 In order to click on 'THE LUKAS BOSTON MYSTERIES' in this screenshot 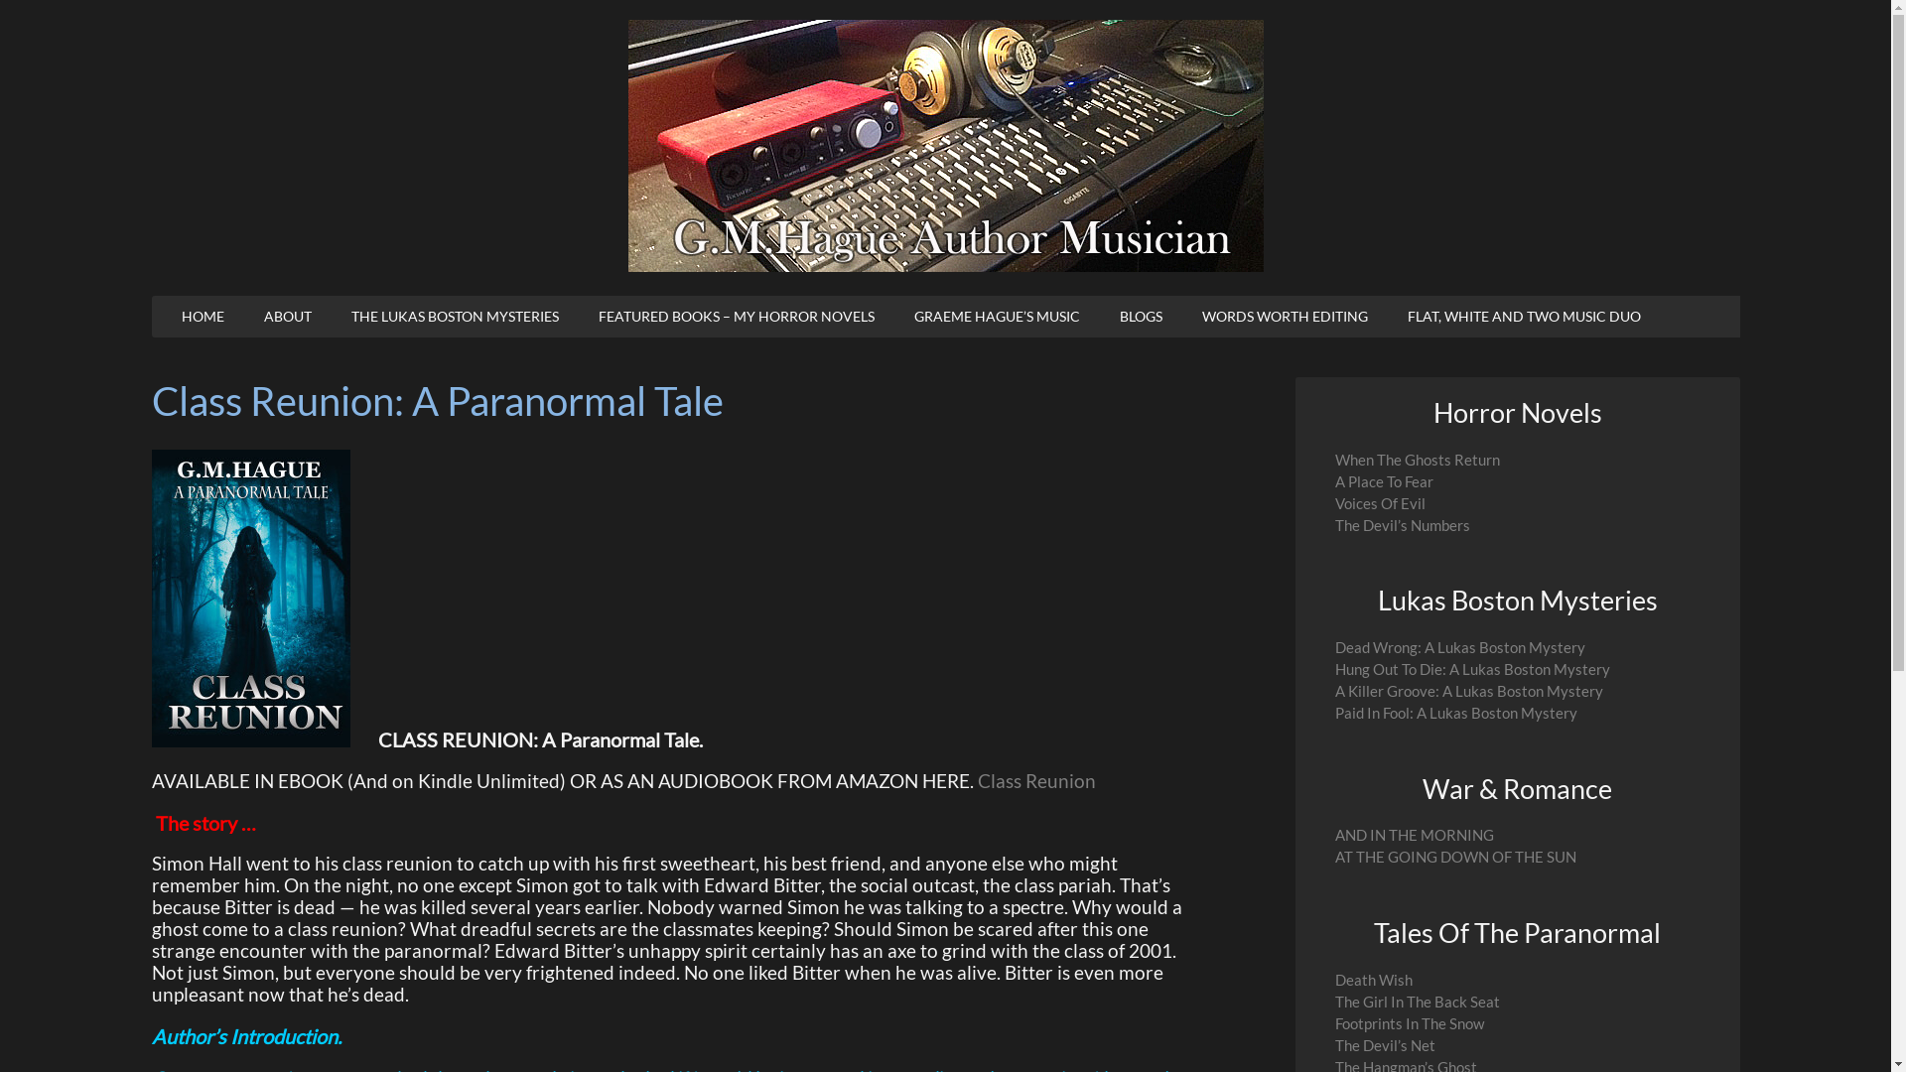, I will do `click(454, 316)`.